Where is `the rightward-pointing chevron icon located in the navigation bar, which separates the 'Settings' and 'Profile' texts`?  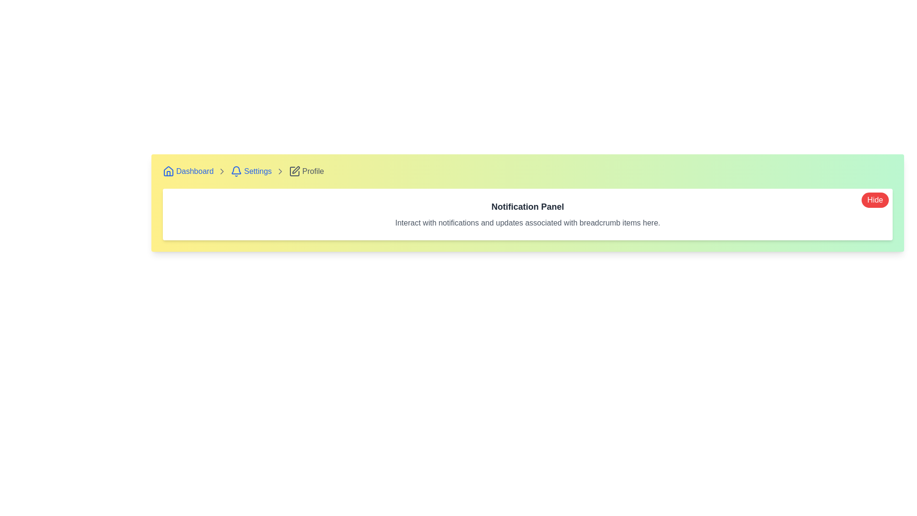 the rightward-pointing chevron icon located in the navigation bar, which separates the 'Settings' and 'Profile' texts is located at coordinates (222, 171).